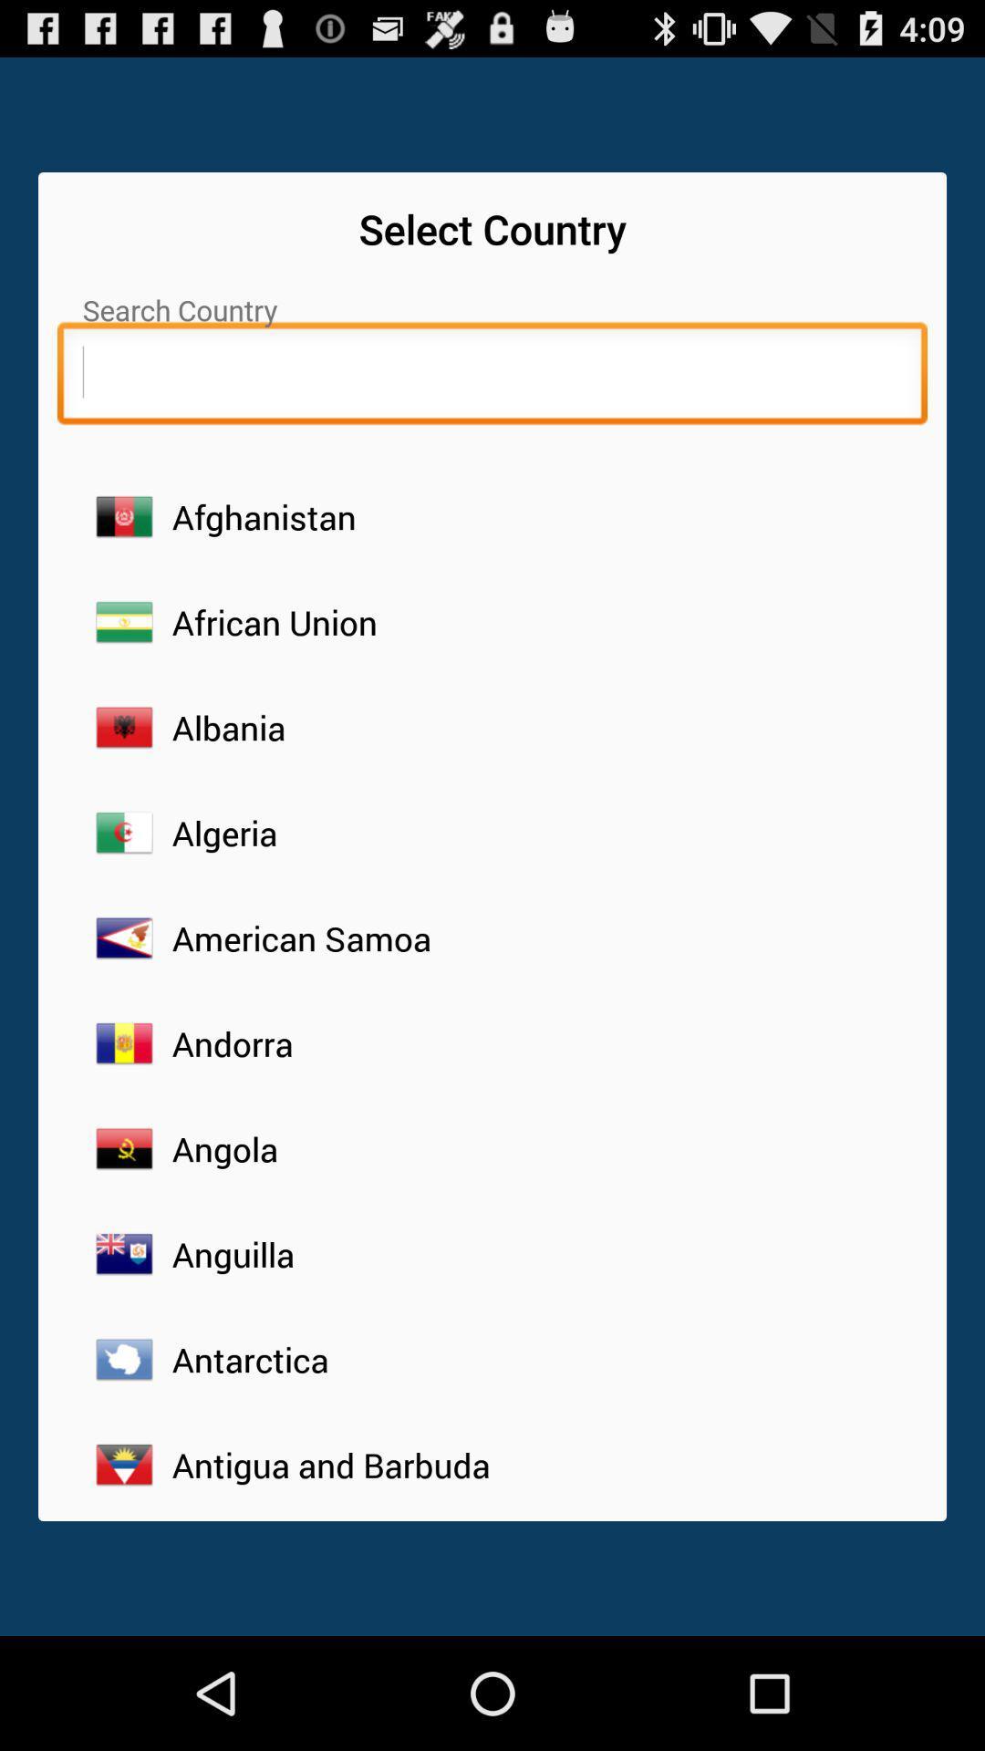 Image resolution: width=985 pixels, height=1751 pixels. Describe the element at coordinates (493, 377) in the screenshot. I see `search` at that location.